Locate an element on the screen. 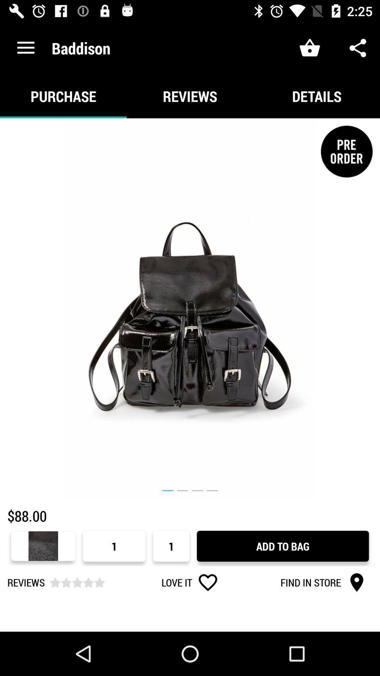 This screenshot has width=380, height=676. item images is located at coordinates (190, 308).